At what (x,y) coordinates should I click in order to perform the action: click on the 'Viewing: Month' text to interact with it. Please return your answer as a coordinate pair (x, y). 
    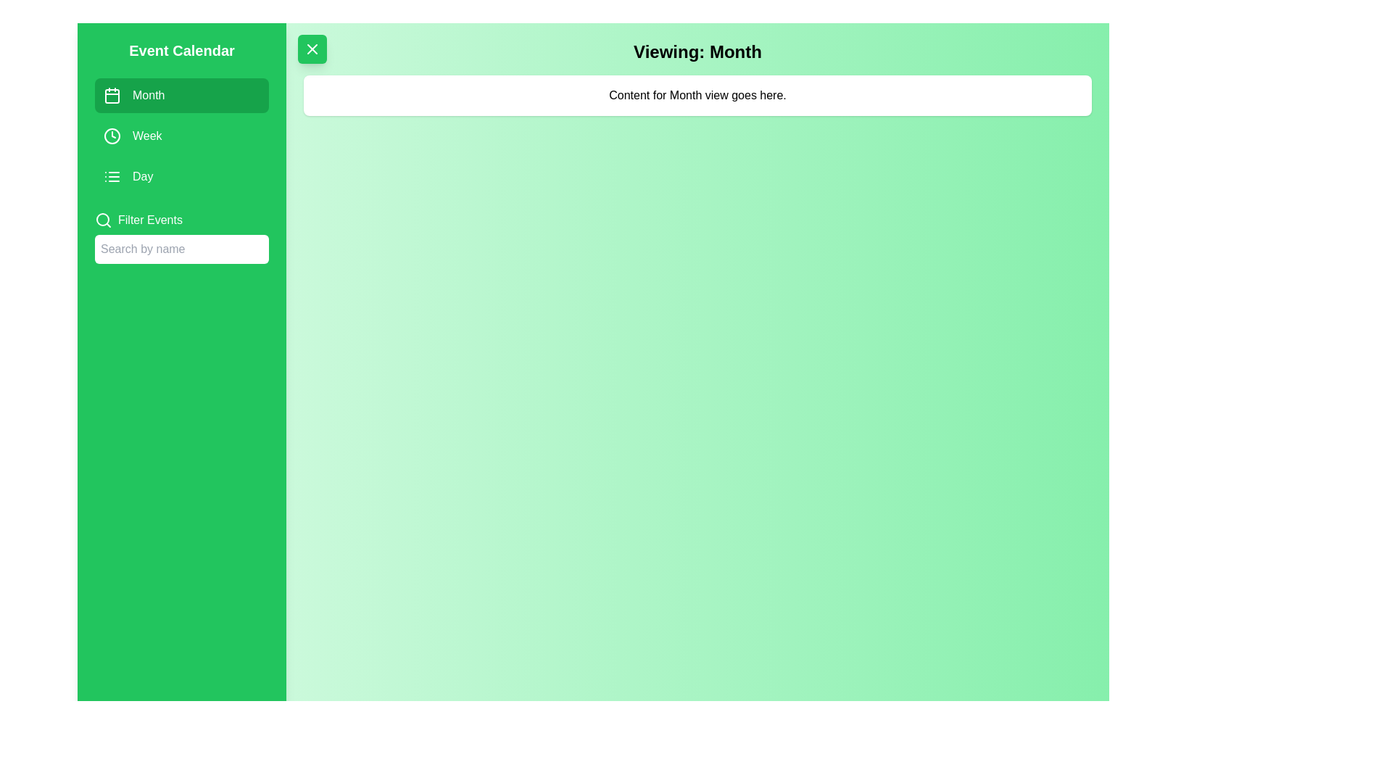
    Looking at the image, I should click on (697, 51).